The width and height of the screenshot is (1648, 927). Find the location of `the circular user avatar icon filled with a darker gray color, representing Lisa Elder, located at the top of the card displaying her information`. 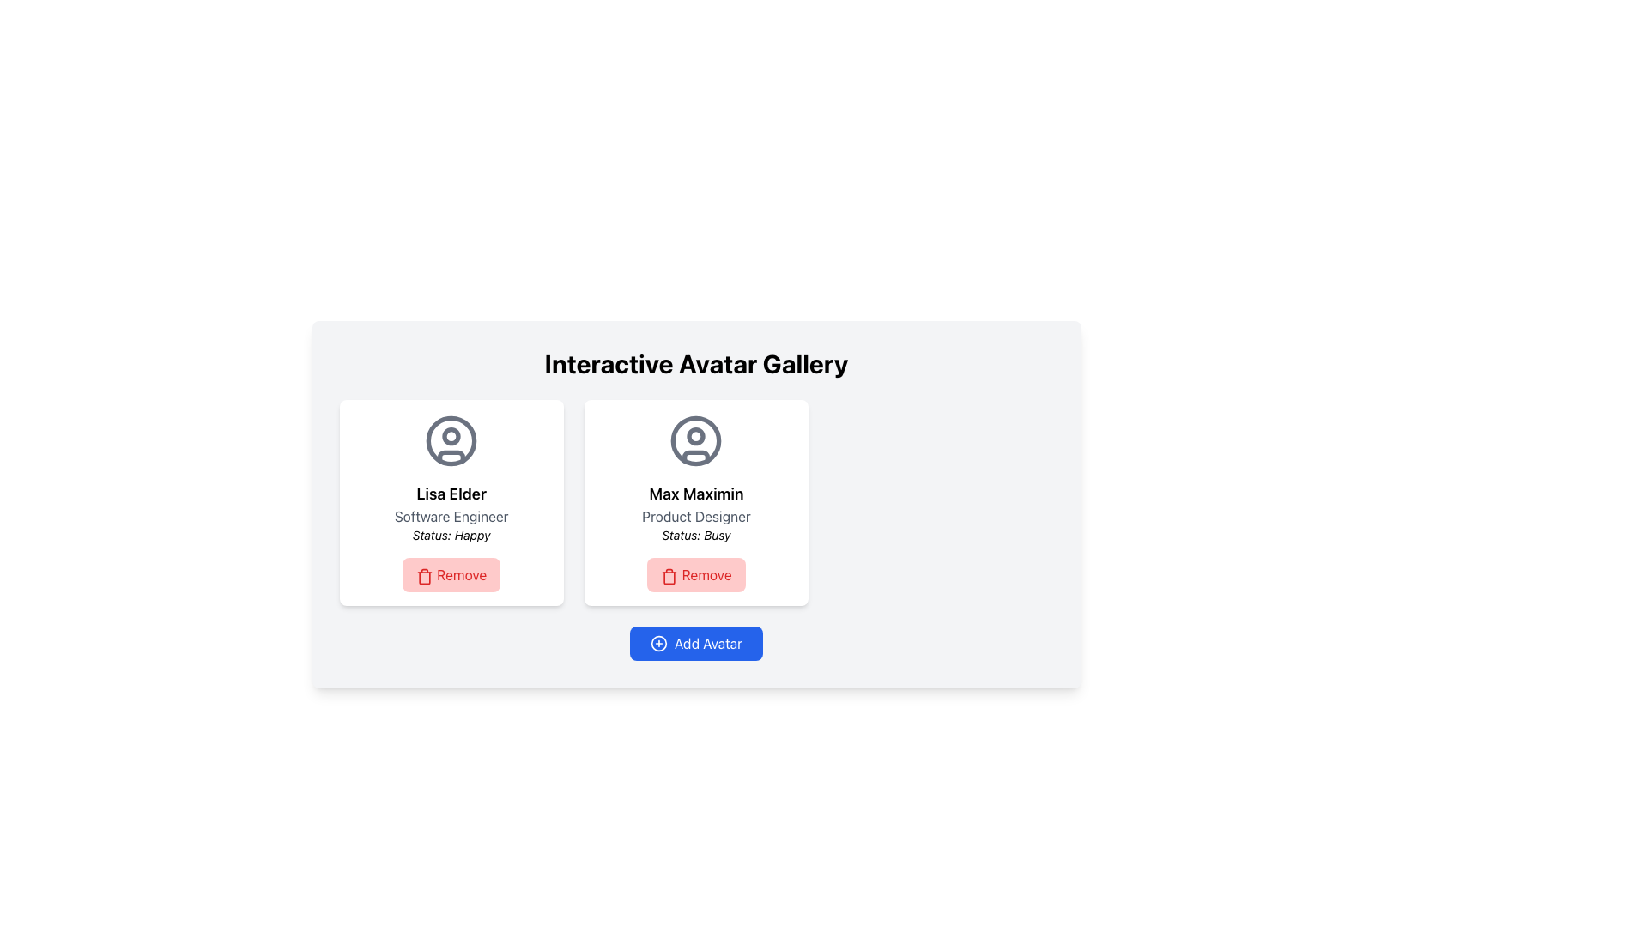

the circular user avatar icon filled with a darker gray color, representing Lisa Elder, located at the top of the card displaying her information is located at coordinates (451, 439).